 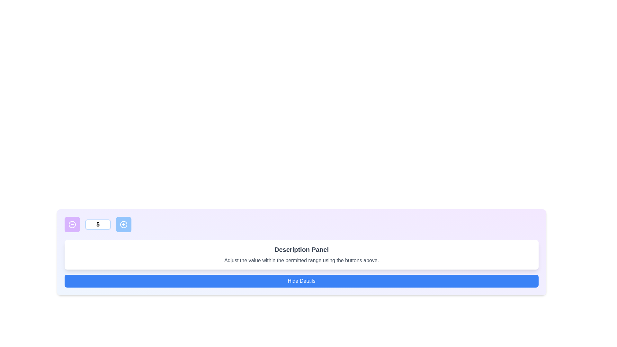 What do you see at coordinates (72, 224) in the screenshot?
I see `the purple button with a minus icon` at bounding box center [72, 224].